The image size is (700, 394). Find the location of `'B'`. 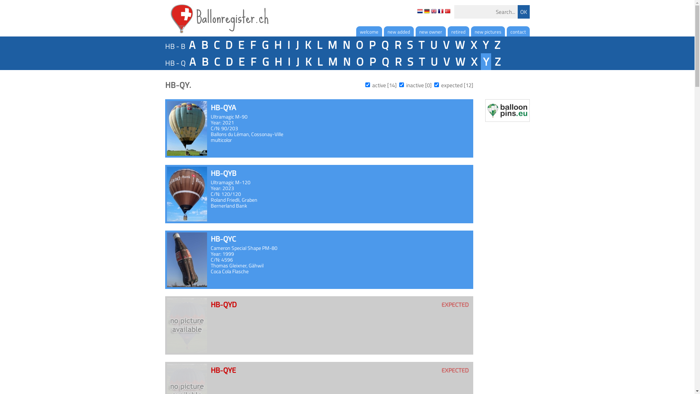

'B' is located at coordinates (204, 45).